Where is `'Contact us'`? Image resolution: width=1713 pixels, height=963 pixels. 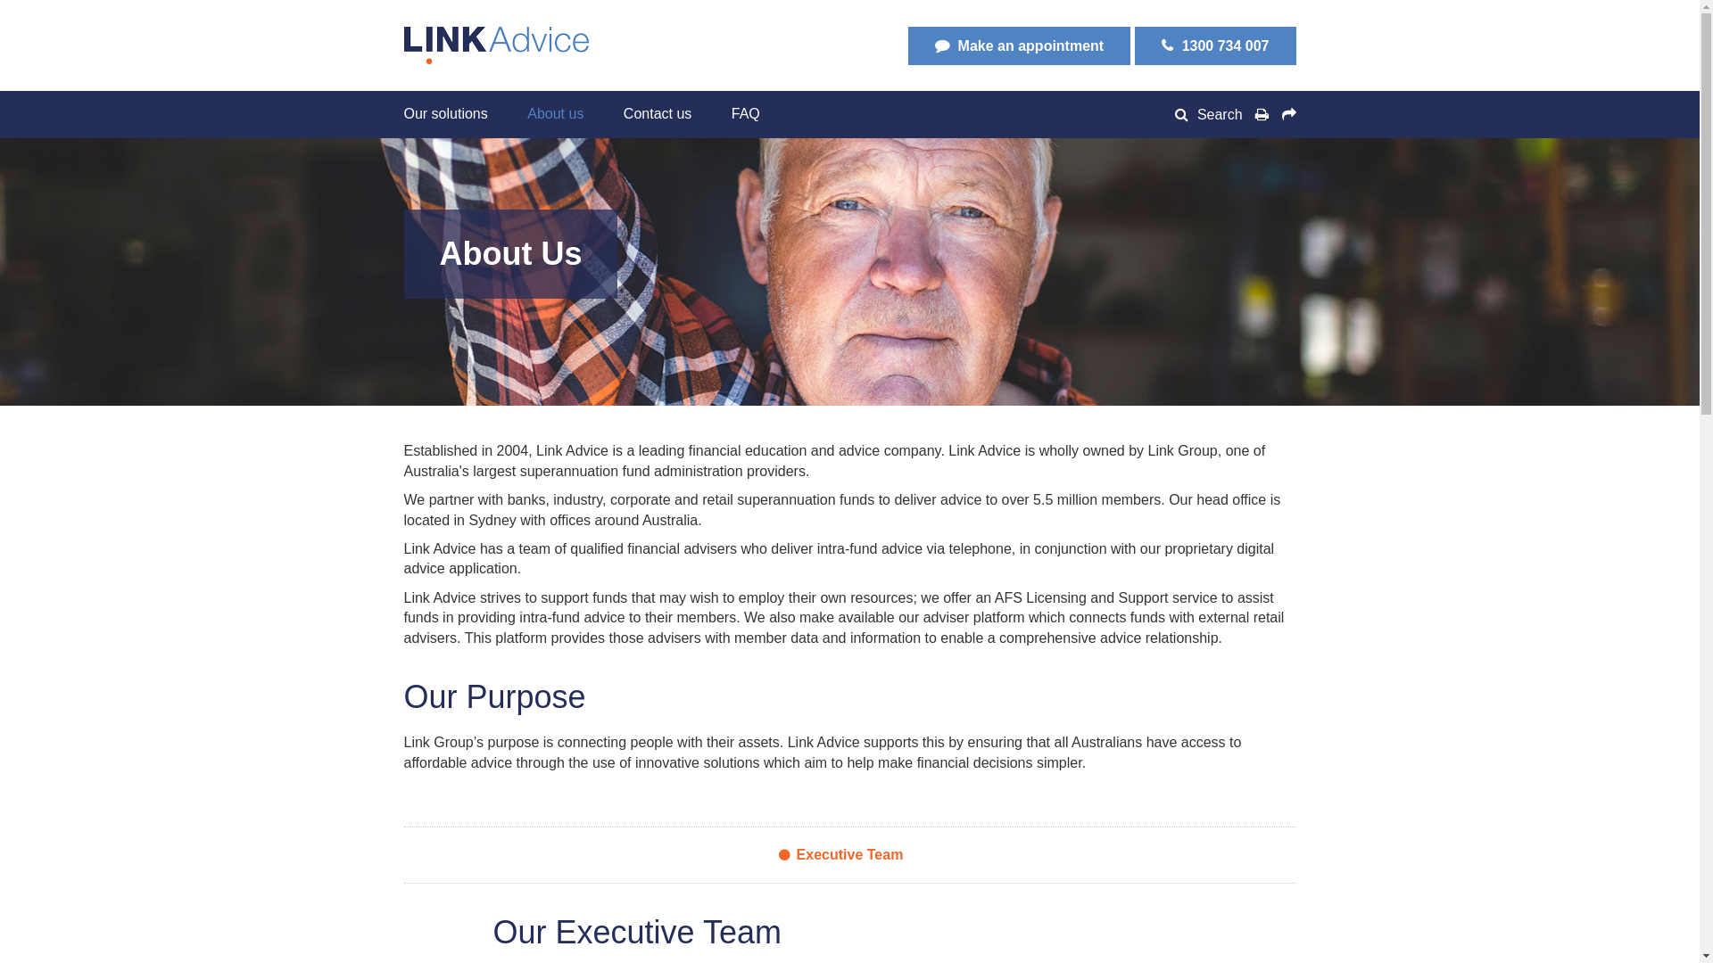 'Contact us' is located at coordinates (657, 113).